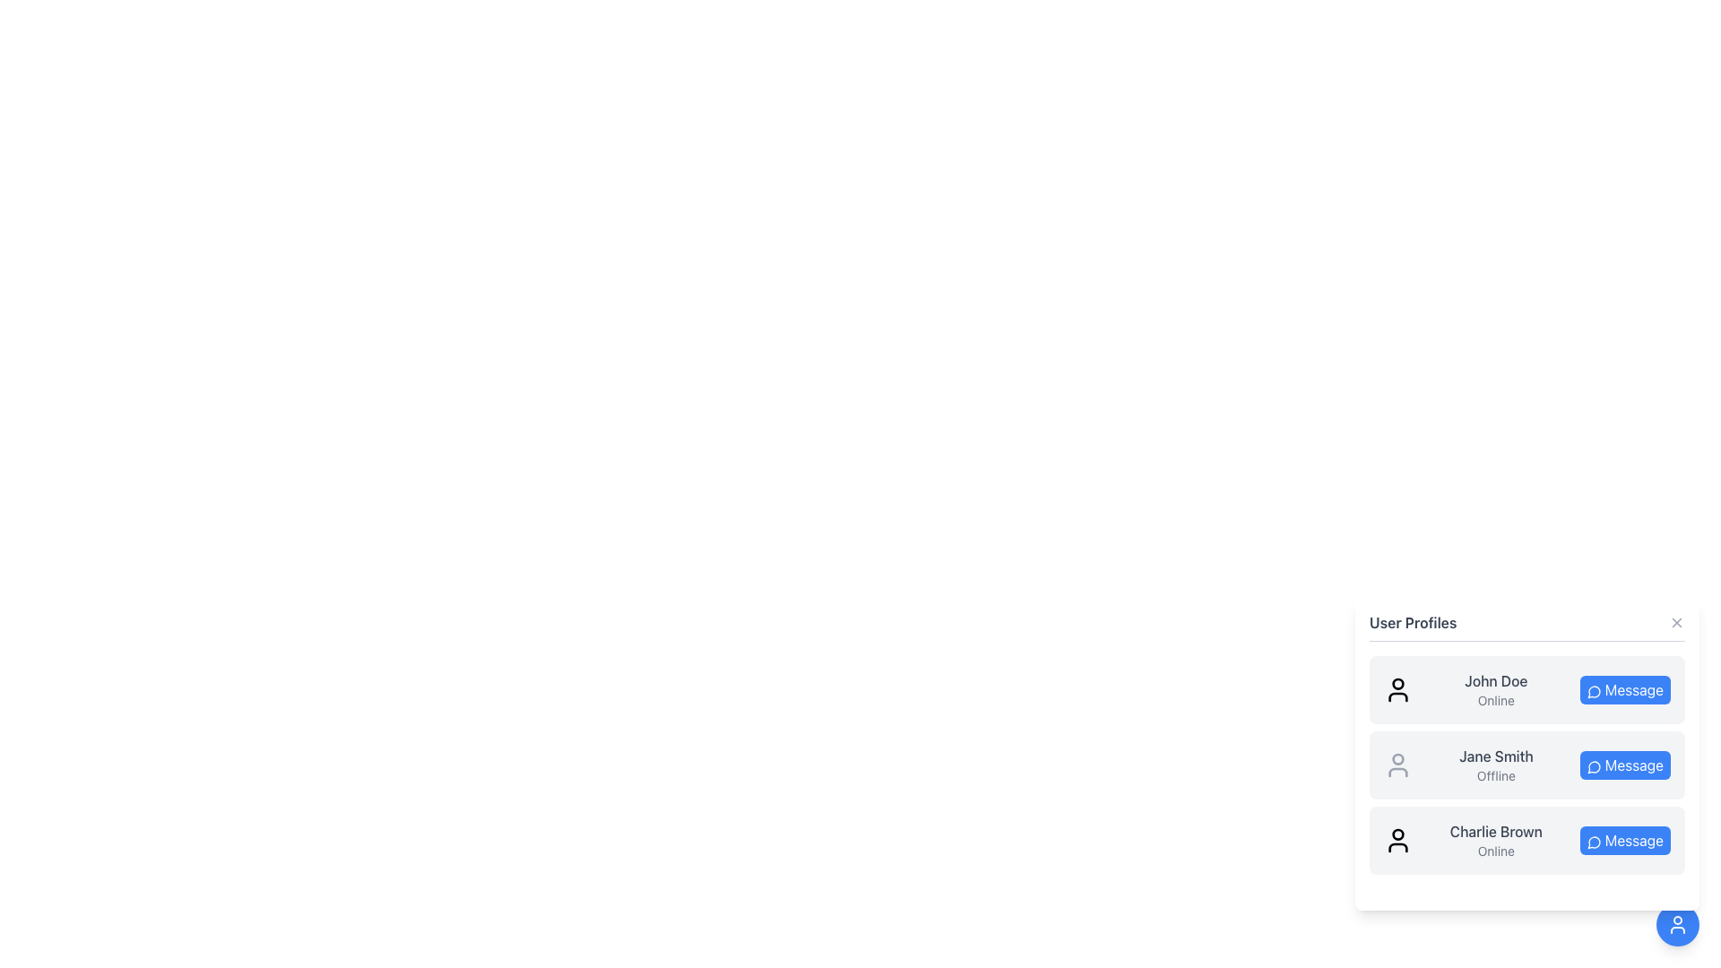 The width and height of the screenshot is (1721, 968). Describe the element at coordinates (1526, 767) in the screenshot. I see `the 'Message' button on the second user profile entry in the contact list to initiate a chat` at that location.